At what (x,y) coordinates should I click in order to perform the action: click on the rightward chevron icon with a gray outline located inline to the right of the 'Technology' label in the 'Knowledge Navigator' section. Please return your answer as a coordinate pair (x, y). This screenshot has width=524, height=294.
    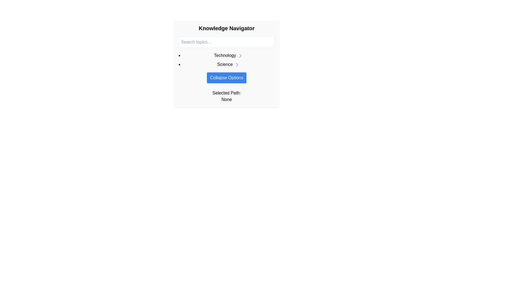
    Looking at the image, I should click on (240, 56).